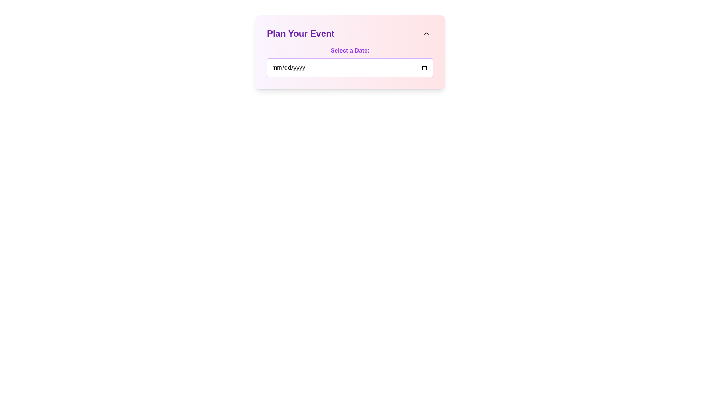 The image size is (712, 400). What do you see at coordinates (426, 34) in the screenshot?
I see `the icon located in the top-right corner of the 'Plan Your Event' card` at bounding box center [426, 34].